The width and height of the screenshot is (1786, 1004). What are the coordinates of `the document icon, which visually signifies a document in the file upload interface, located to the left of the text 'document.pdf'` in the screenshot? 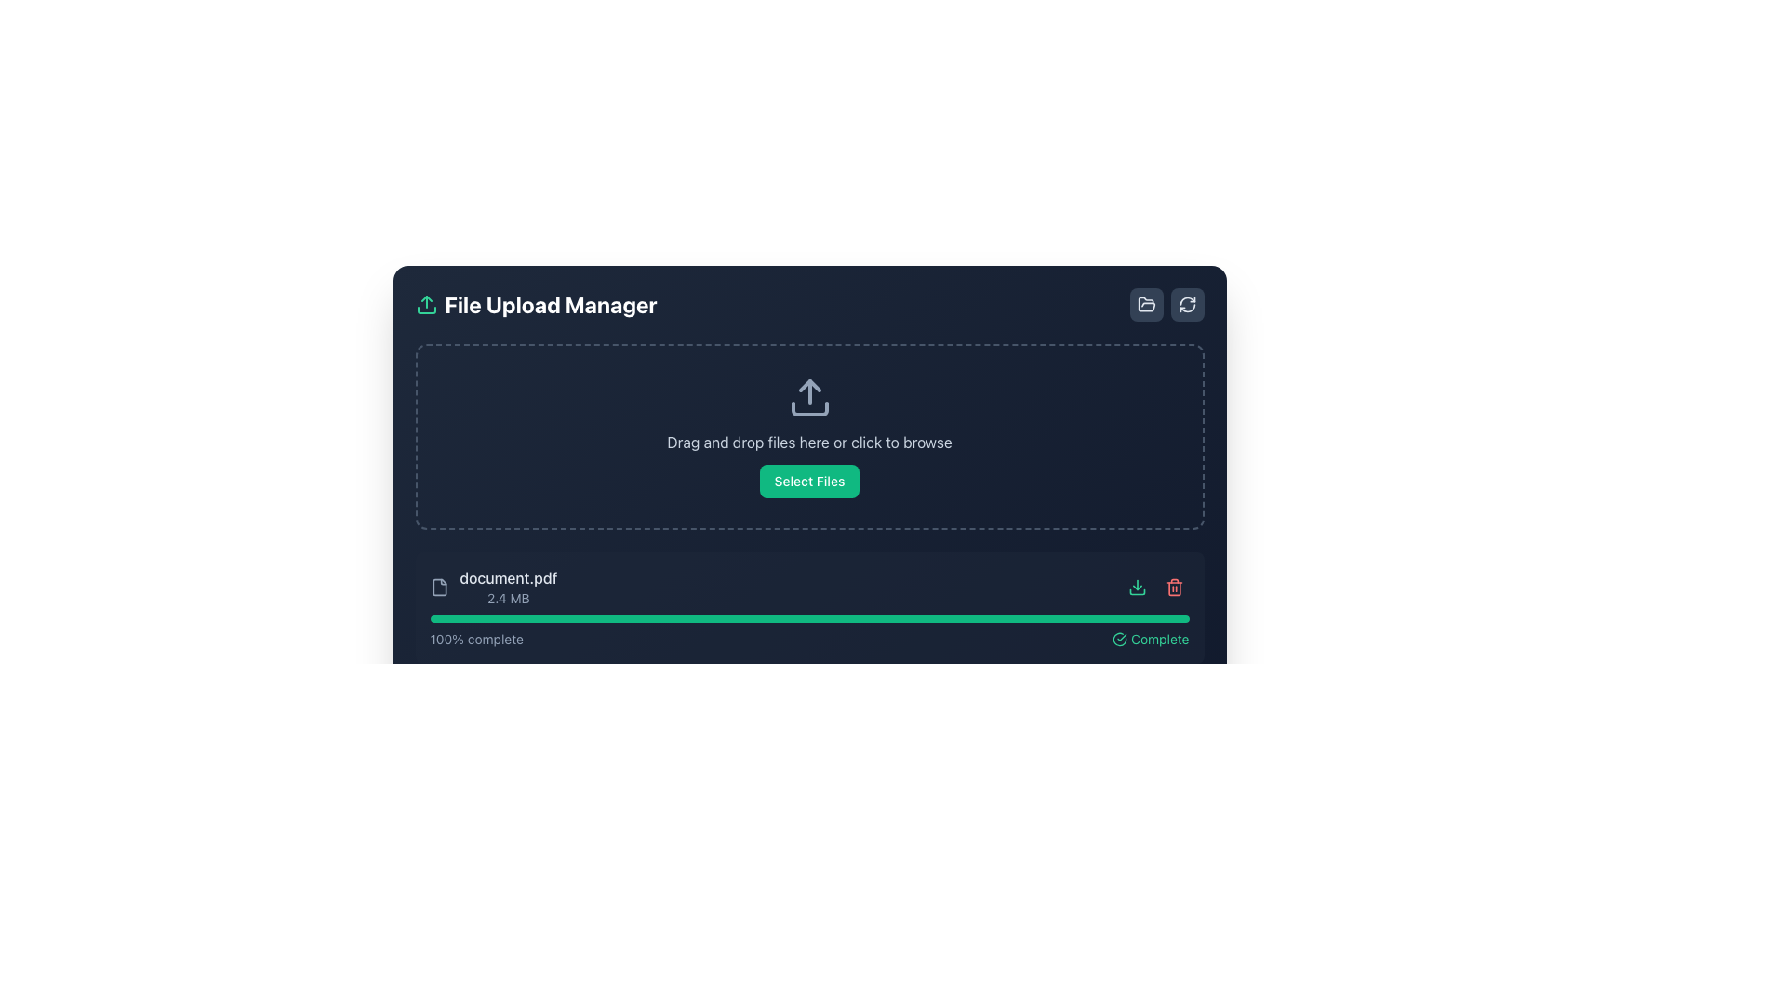 It's located at (438, 588).